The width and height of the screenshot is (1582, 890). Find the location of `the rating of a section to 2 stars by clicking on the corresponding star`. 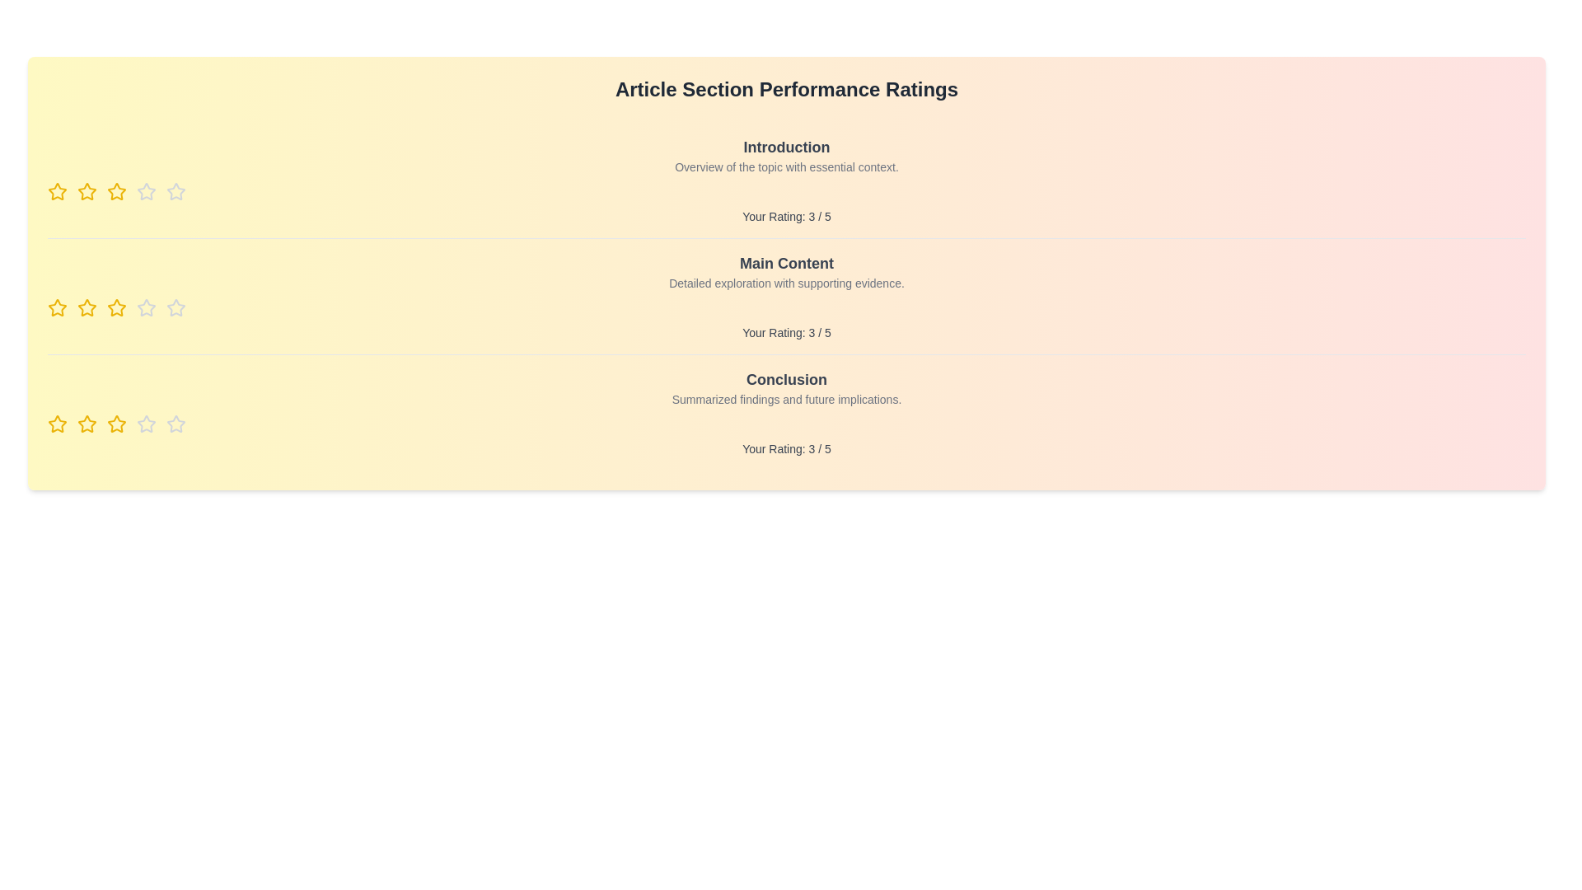

the rating of a section to 2 stars by clicking on the corresponding star is located at coordinates (86, 190).